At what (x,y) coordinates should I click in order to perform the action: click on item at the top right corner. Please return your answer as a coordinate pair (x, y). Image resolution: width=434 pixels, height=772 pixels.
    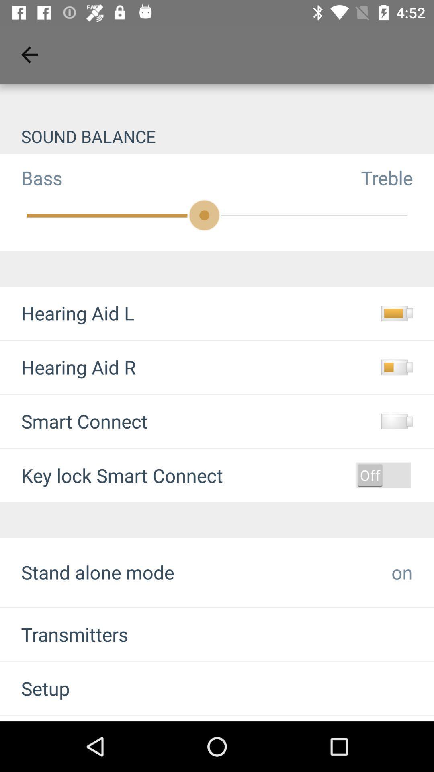
    Looking at the image, I should click on (397, 177).